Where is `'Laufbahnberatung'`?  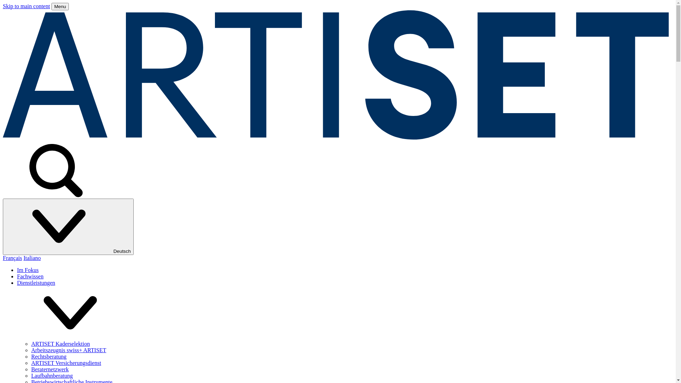
'Laufbahnberatung' is located at coordinates (51, 375).